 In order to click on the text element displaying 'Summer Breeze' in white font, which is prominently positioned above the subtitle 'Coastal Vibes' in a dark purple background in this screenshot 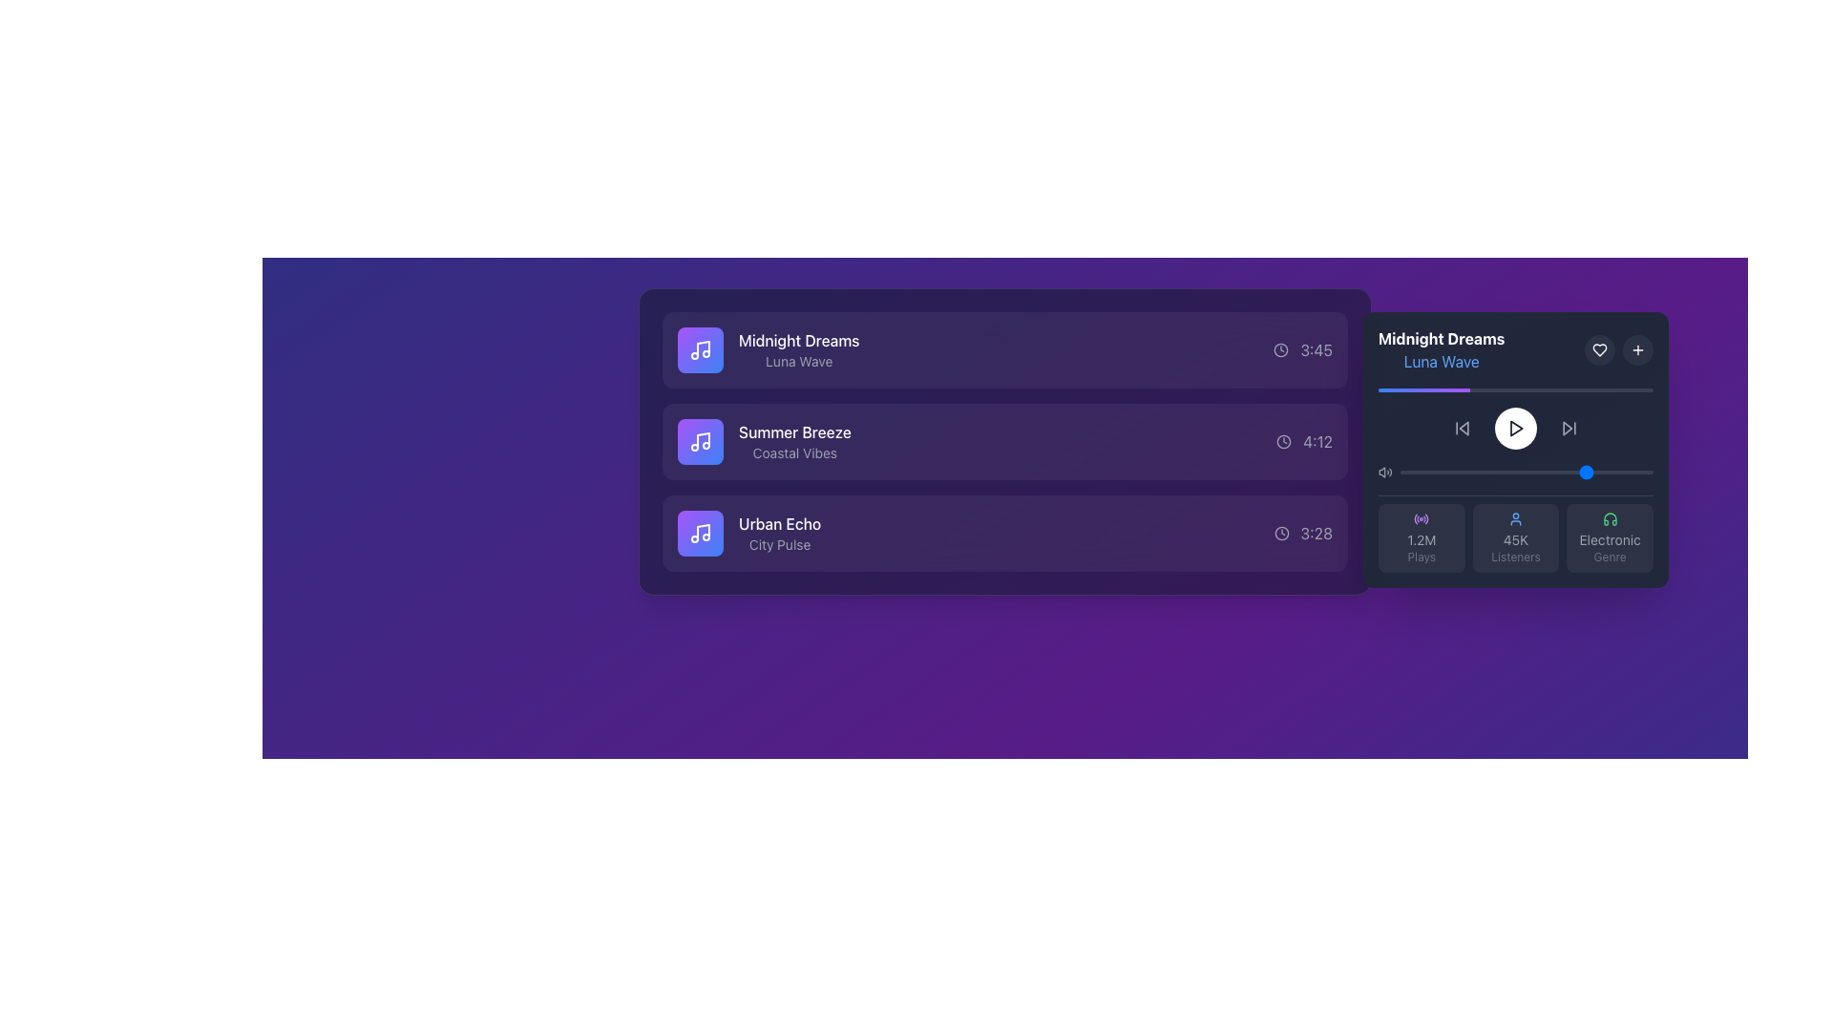, I will do `click(794, 431)`.